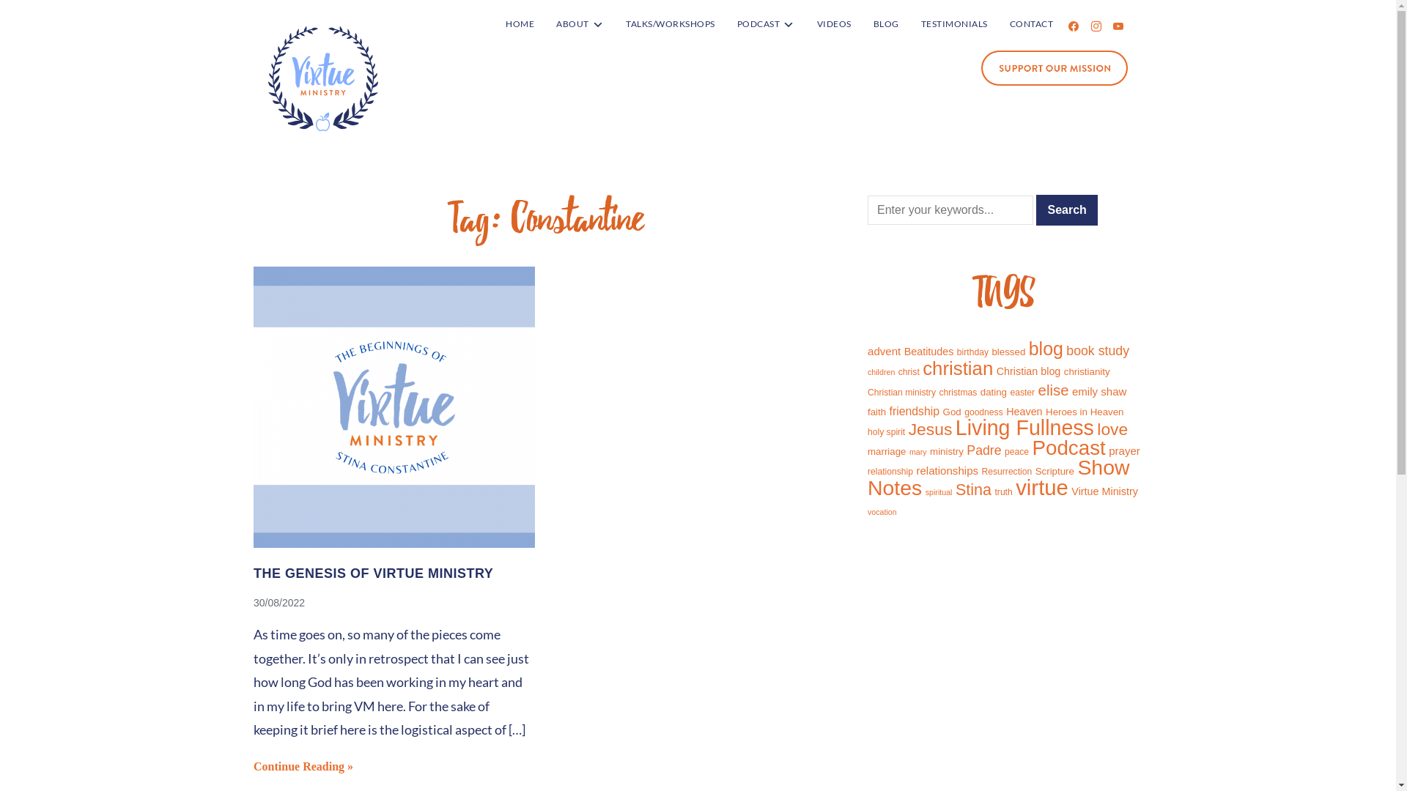  I want to click on 'Heroes in Heaven', so click(1044, 412).